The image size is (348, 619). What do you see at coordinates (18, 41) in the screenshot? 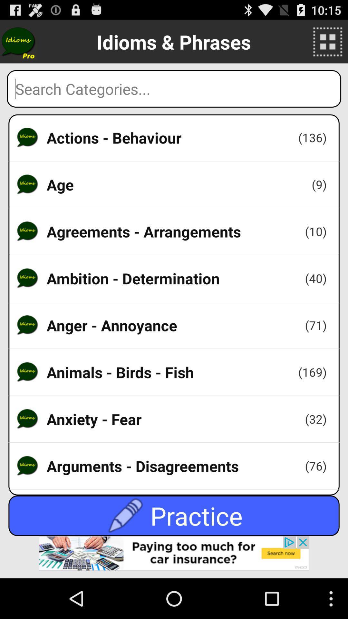
I see `buy pro` at bounding box center [18, 41].